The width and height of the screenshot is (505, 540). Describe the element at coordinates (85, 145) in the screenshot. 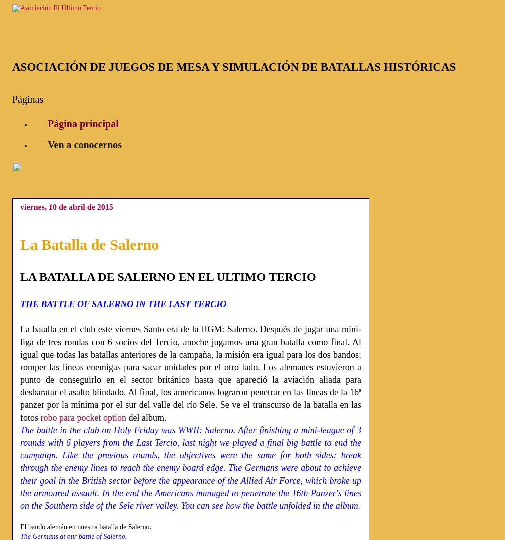

I see `'Ven a conocernos'` at that location.